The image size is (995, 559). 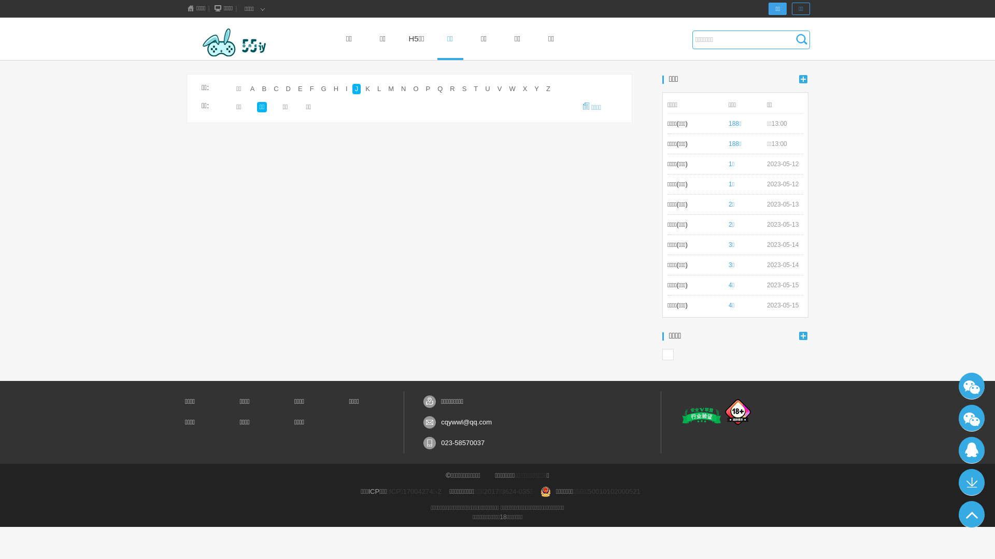 What do you see at coordinates (346, 89) in the screenshot?
I see `'I'` at bounding box center [346, 89].